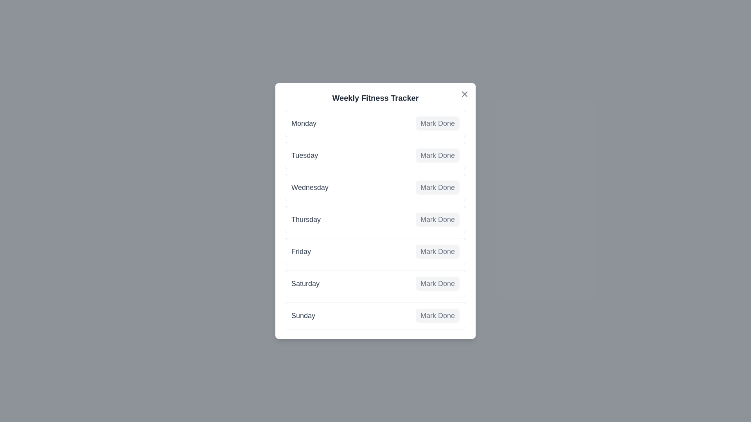  I want to click on 'Mark Done' button for Friday, so click(437, 252).